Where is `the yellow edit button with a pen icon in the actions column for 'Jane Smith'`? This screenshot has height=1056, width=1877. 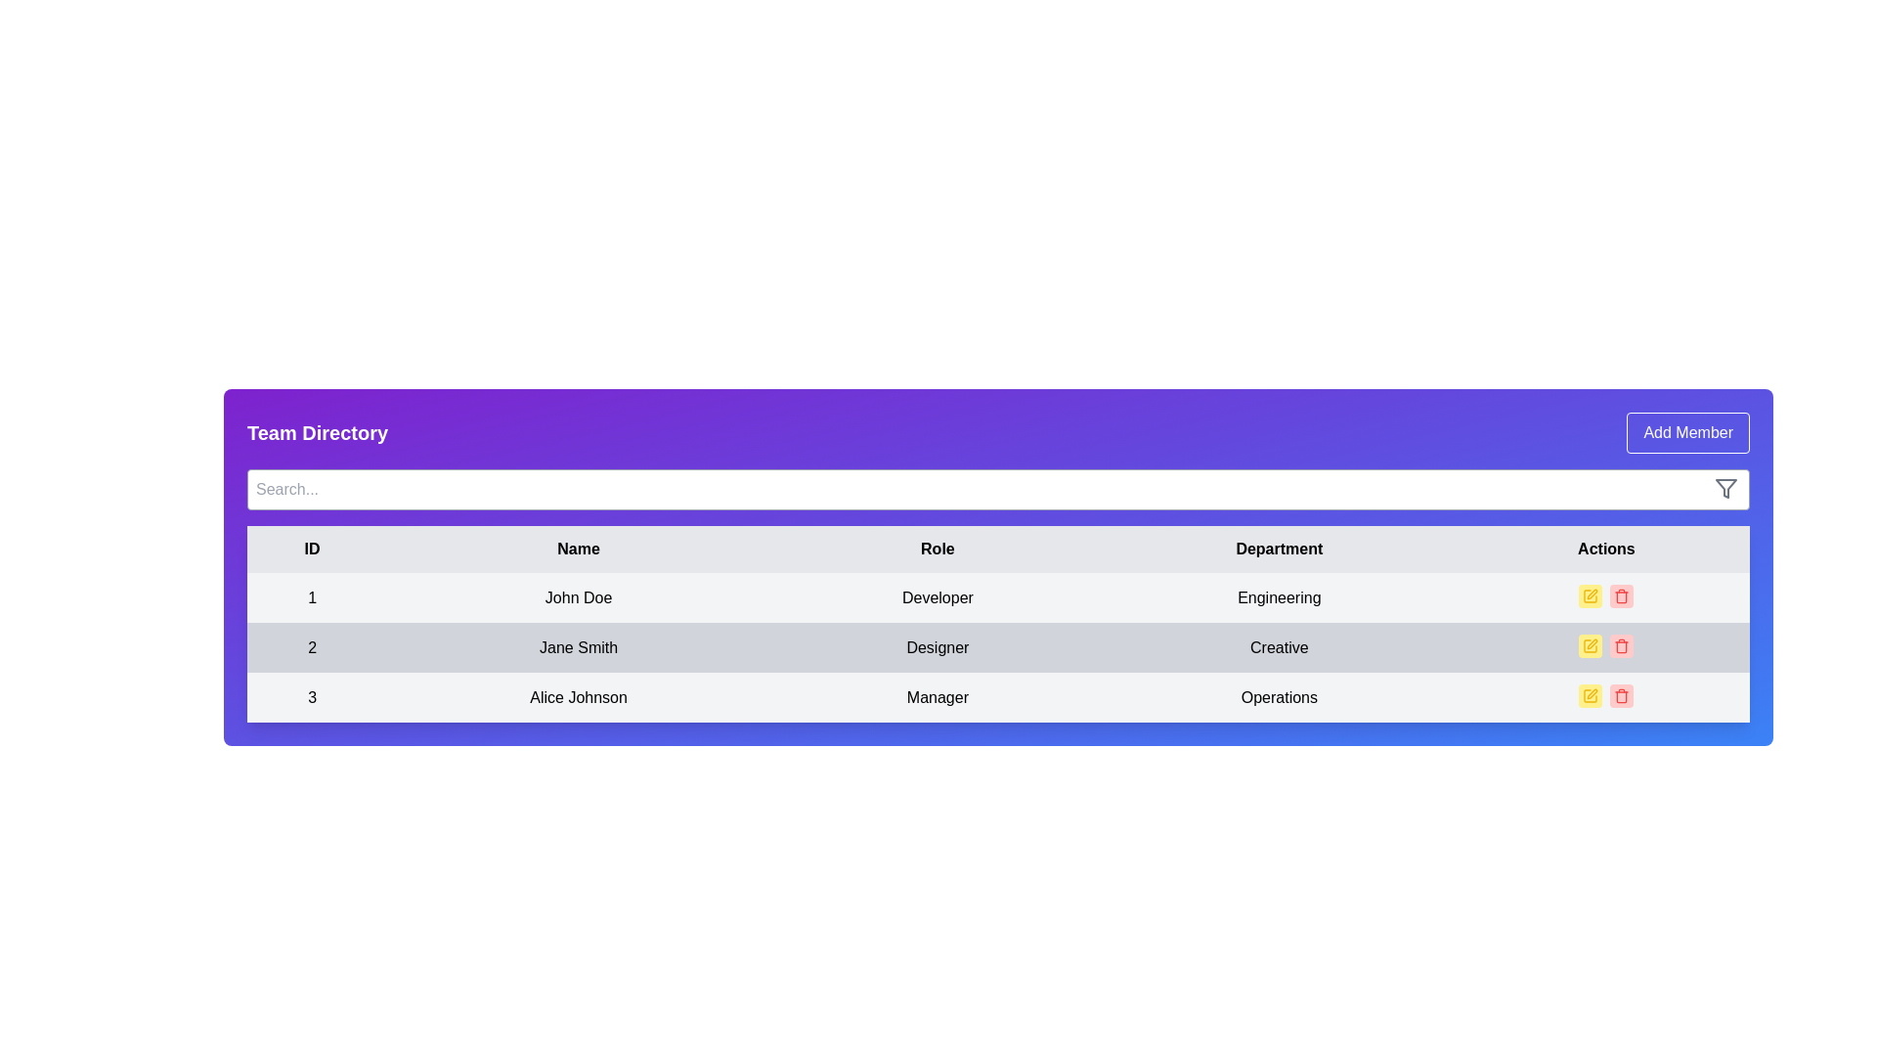
the yellow edit button with a pen icon in the actions column for 'Jane Smith' is located at coordinates (1591, 645).